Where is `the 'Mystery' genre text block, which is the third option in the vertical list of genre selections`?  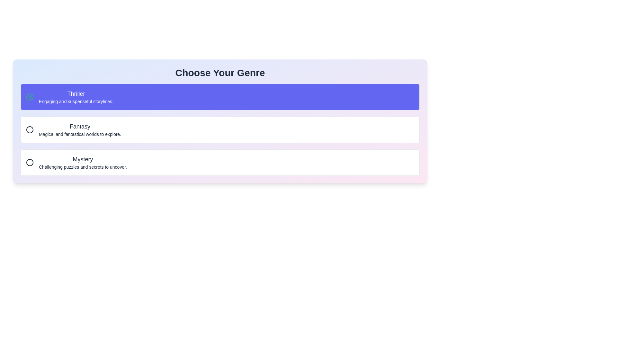
the 'Mystery' genre text block, which is the third option in the vertical list of genre selections is located at coordinates (83, 162).